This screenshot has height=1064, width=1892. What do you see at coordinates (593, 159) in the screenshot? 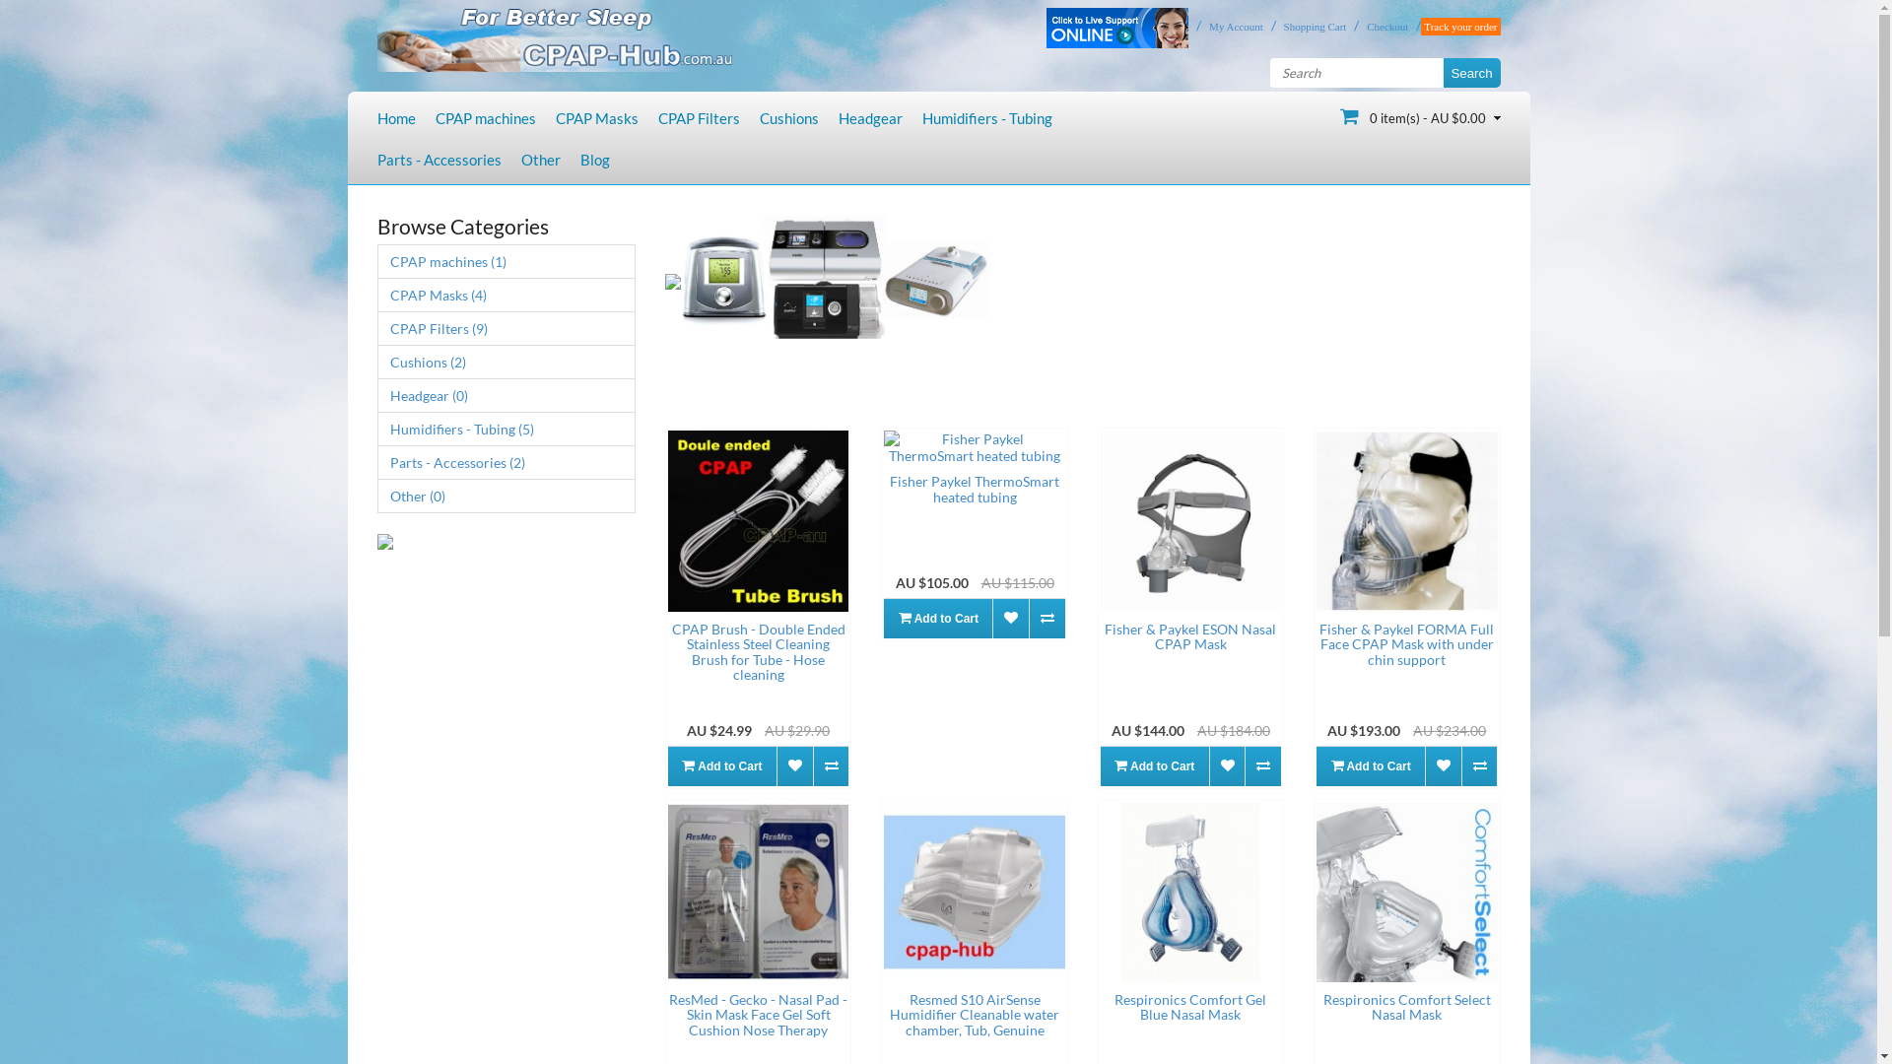
I see `'Blog'` at bounding box center [593, 159].